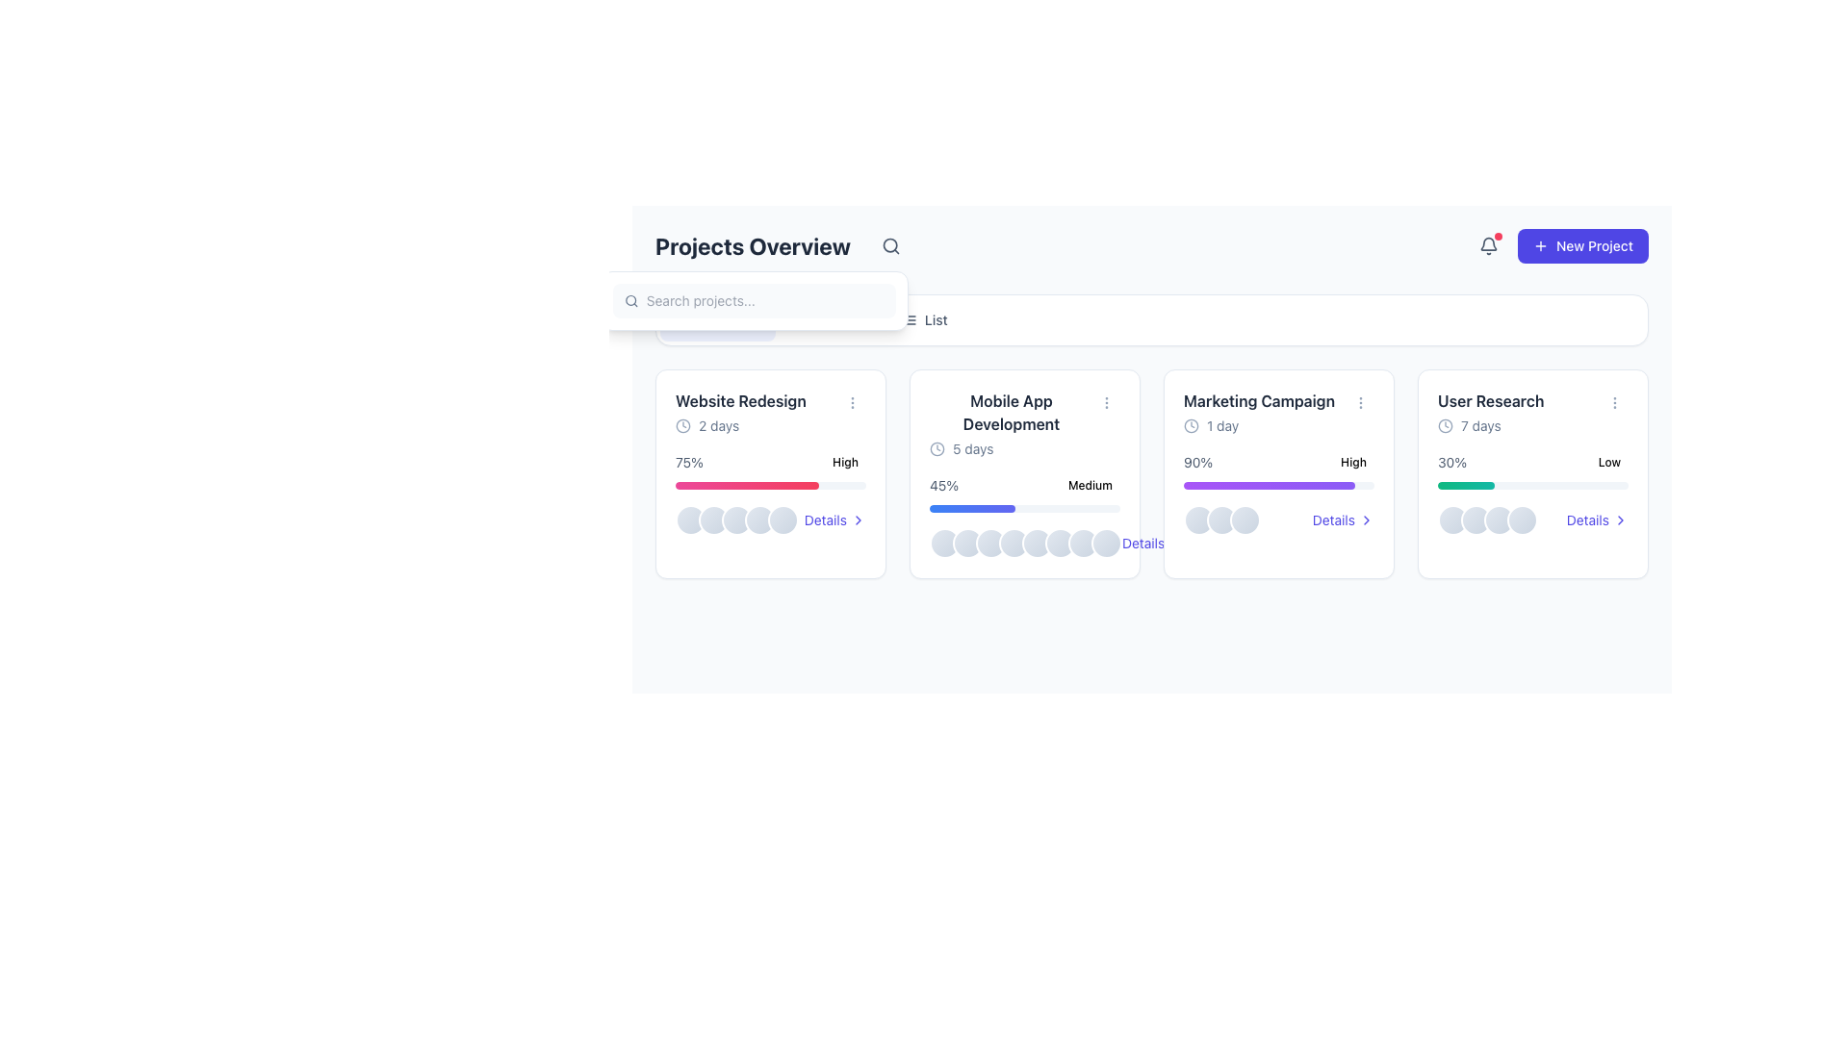 This screenshot has height=1039, width=1848. I want to click on the project title text block located in the top-left section of the first project card, so click(739, 411).